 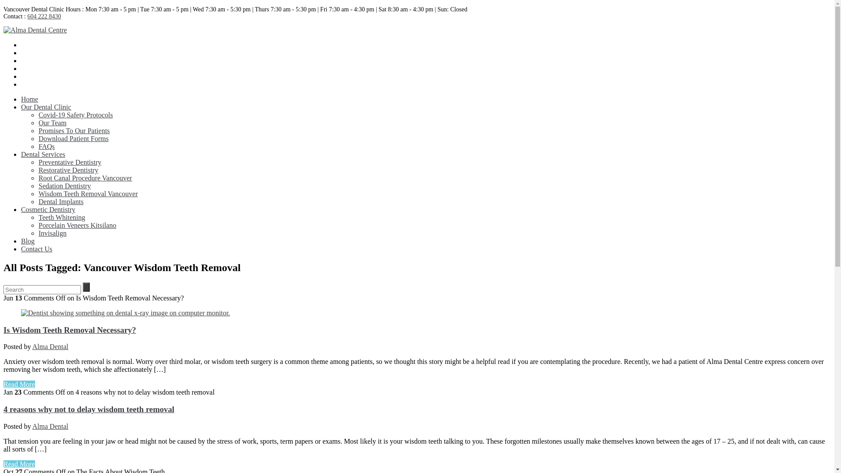 What do you see at coordinates (75, 114) in the screenshot?
I see `'Covid-19 Safety Protocols'` at bounding box center [75, 114].